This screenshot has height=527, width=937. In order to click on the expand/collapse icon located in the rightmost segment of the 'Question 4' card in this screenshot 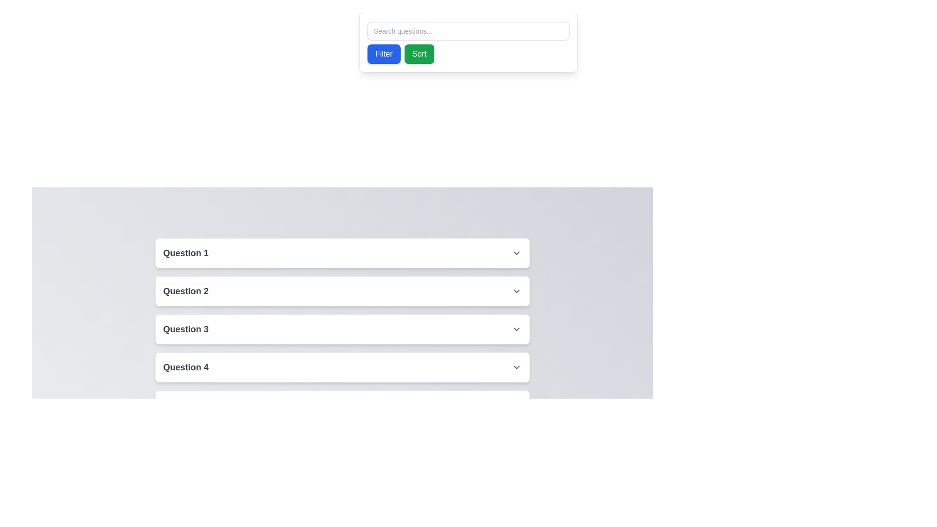, I will do `click(516, 367)`.